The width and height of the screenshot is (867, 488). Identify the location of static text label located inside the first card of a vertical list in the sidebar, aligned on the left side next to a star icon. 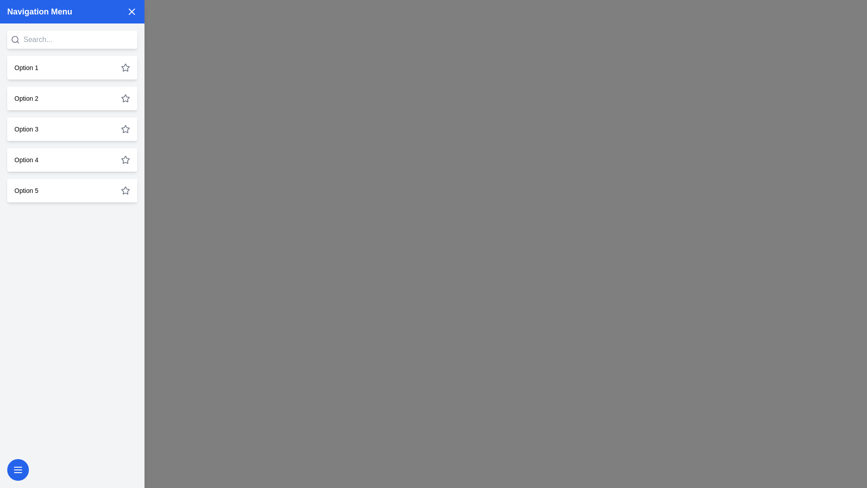
(26, 67).